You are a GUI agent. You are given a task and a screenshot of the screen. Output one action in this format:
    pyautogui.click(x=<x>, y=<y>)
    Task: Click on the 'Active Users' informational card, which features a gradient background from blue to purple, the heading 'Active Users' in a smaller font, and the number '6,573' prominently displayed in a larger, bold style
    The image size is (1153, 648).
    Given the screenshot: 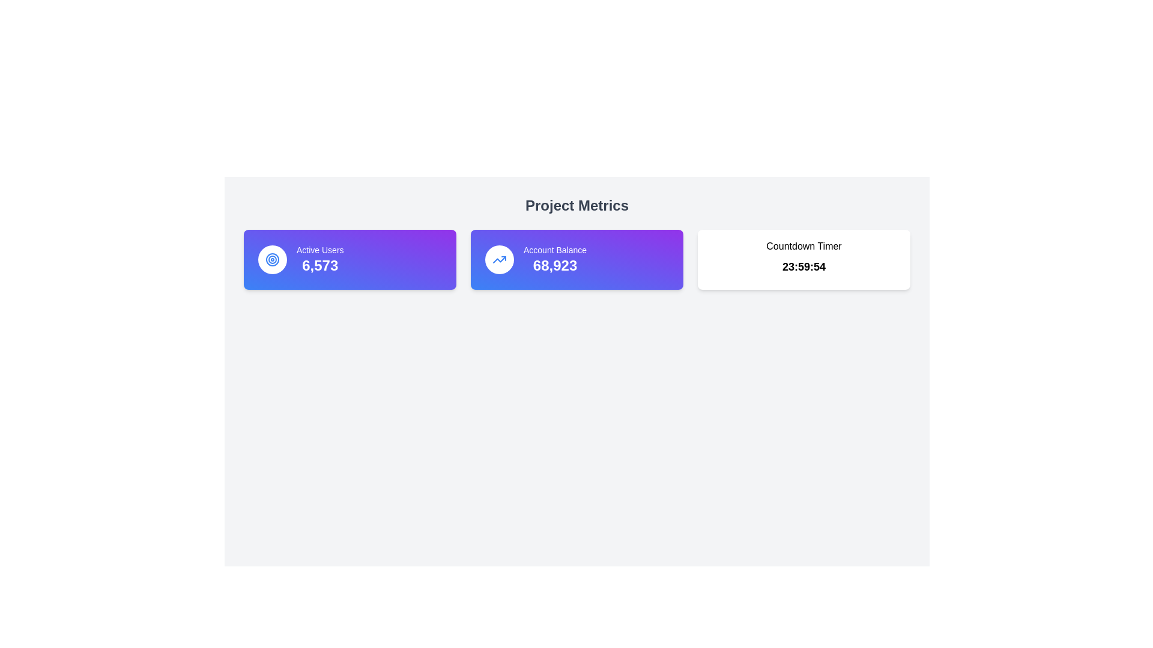 What is the action you would take?
    pyautogui.click(x=349, y=259)
    